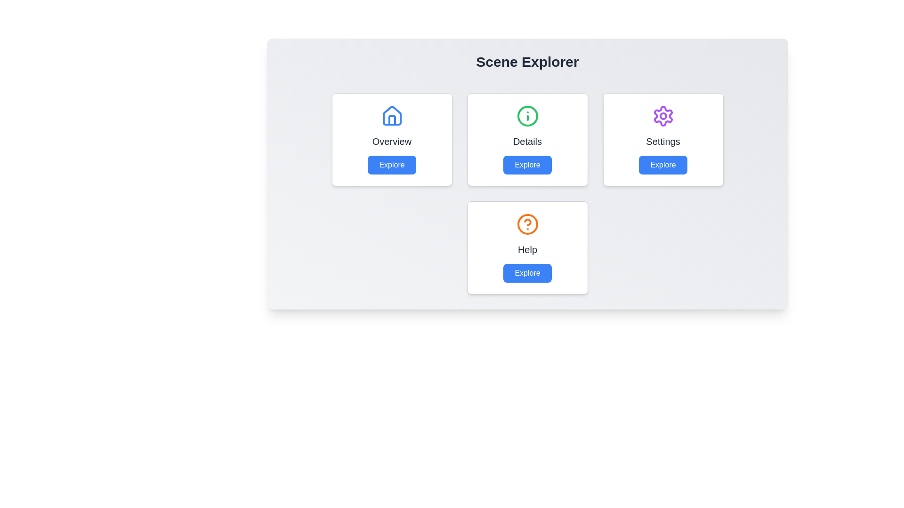 This screenshot has height=508, width=904. I want to click on the Decorative Icon in the 'Details' section, located between 'Overview' and 'Settings', so click(527, 115).